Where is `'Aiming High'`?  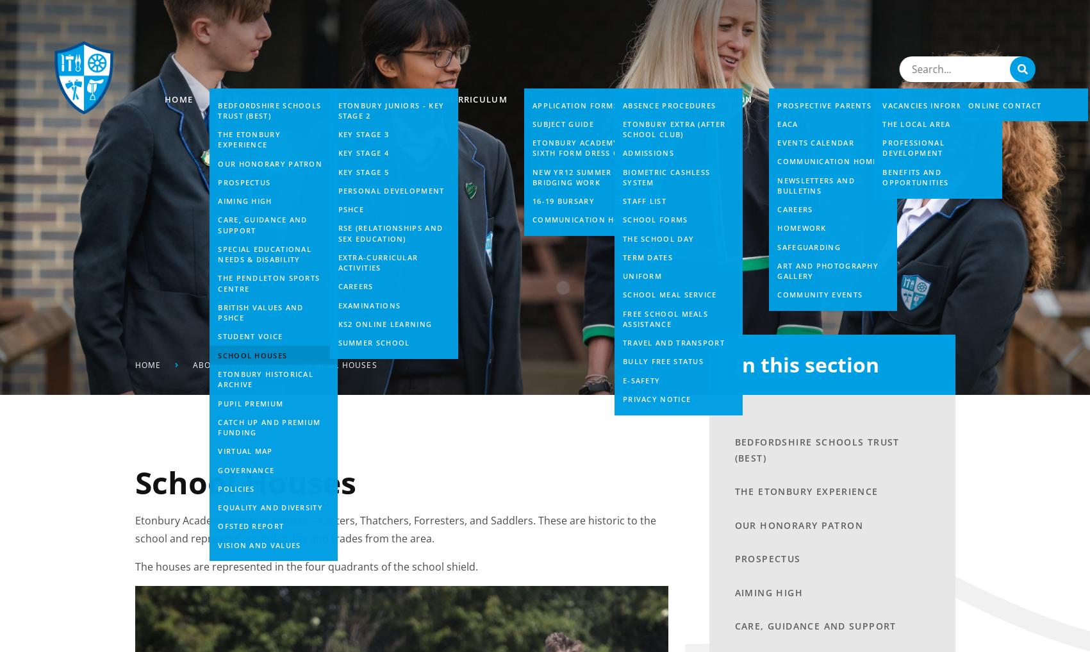
'Aiming High' is located at coordinates (733, 591).